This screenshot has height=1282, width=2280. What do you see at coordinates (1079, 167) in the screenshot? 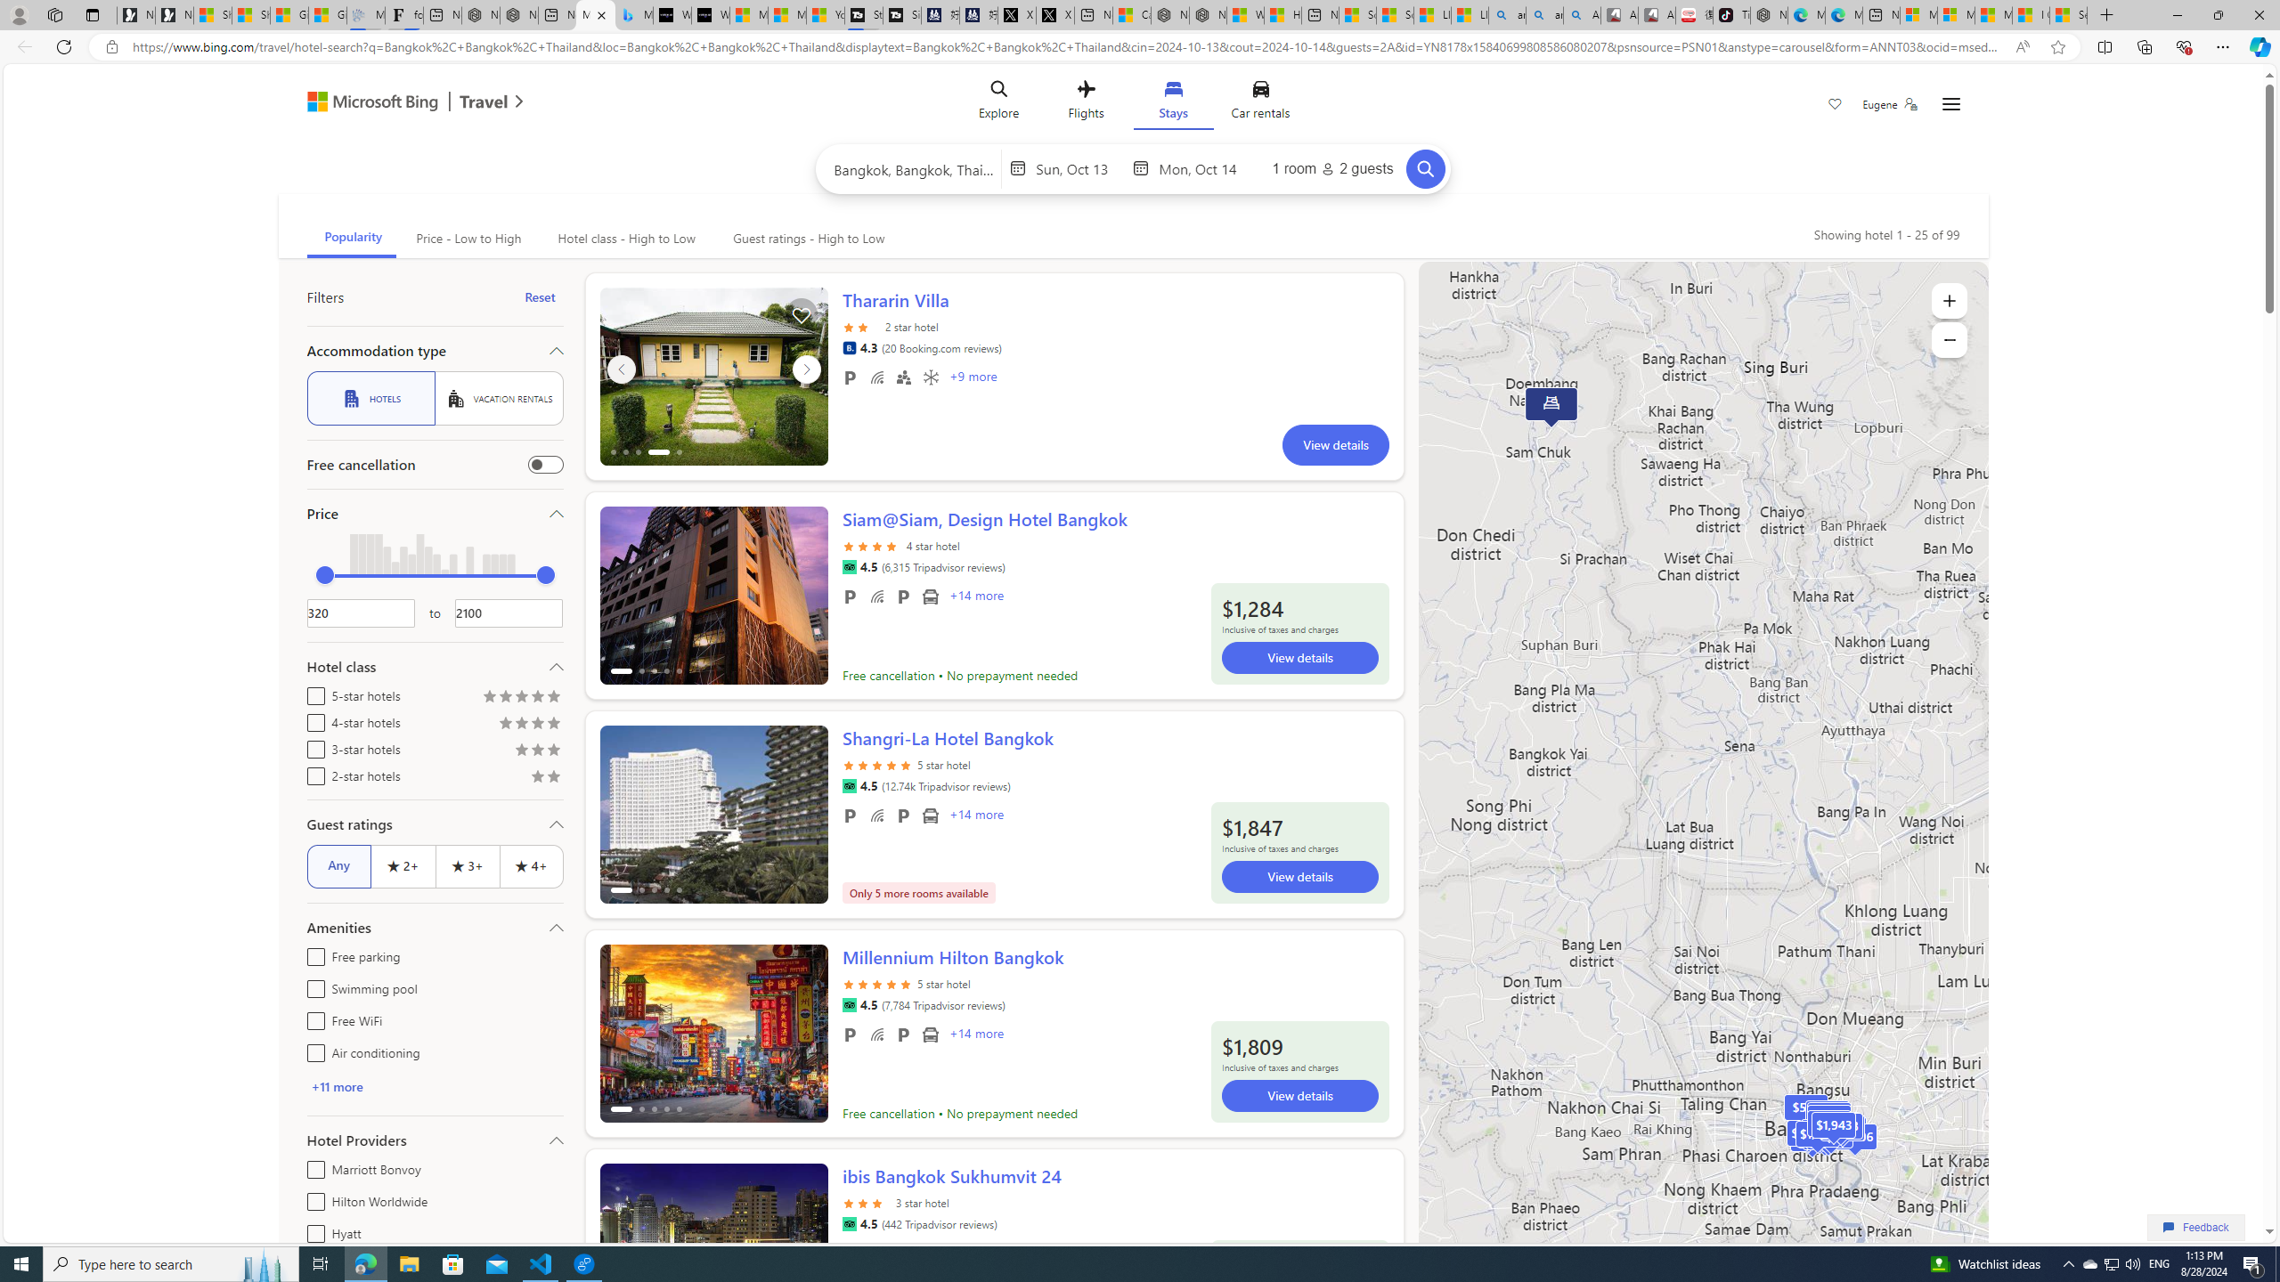
I see `'Start Date'` at bounding box center [1079, 167].